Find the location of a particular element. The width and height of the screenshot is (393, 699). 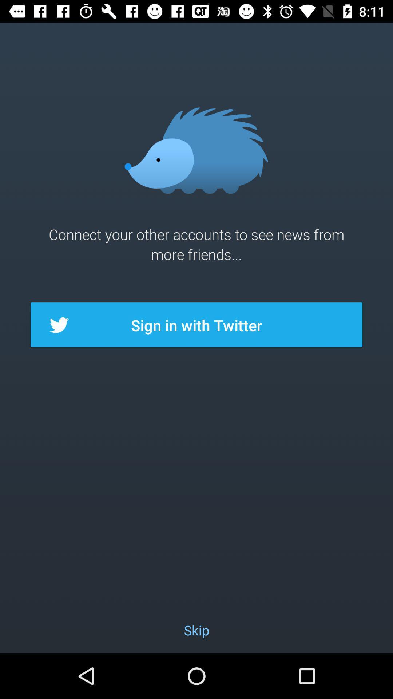

icon below sign in with item is located at coordinates (196, 630).